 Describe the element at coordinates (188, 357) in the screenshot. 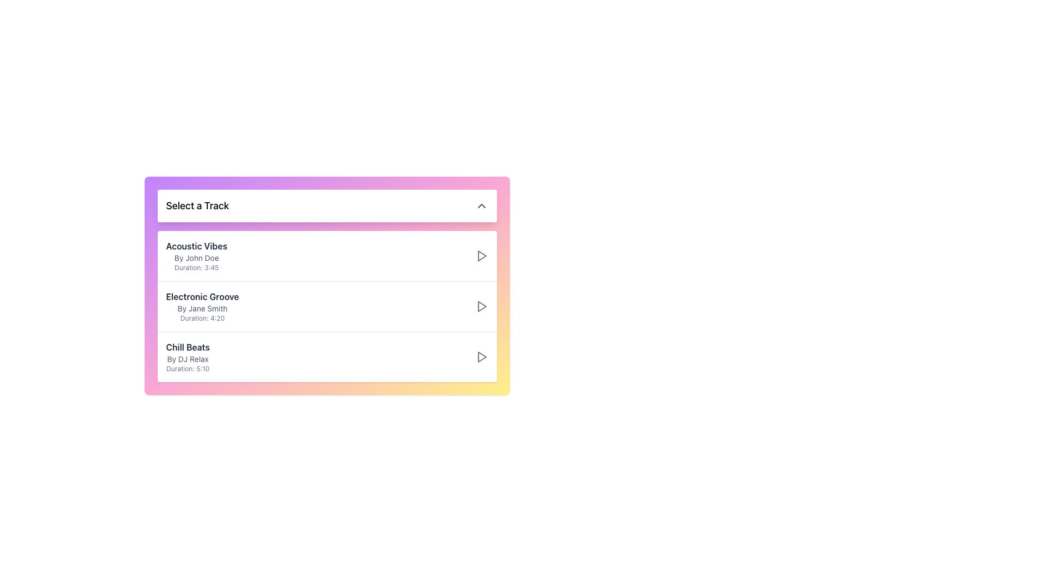

I see `displayed information of the third track item in the 'Select a Track' list, which includes its title, artist, and duration` at that location.